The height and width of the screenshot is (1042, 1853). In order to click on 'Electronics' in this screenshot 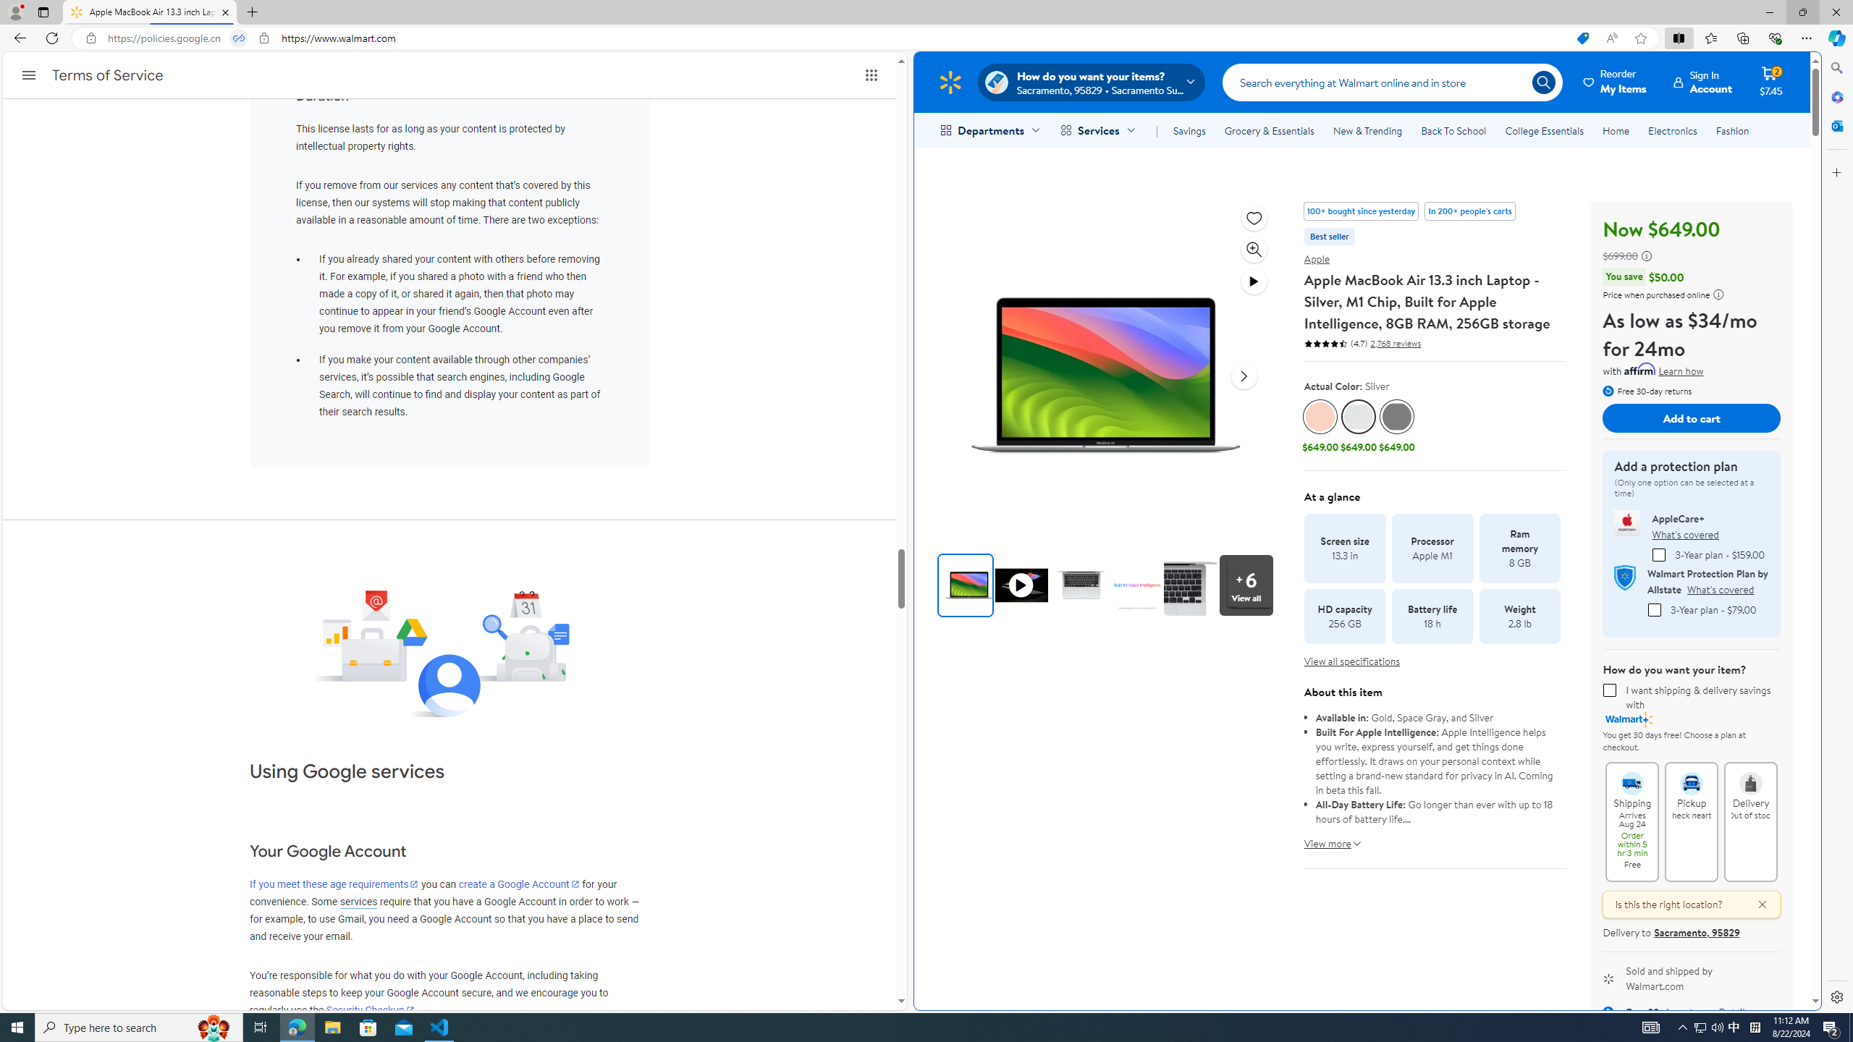, I will do `click(1673, 130)`.